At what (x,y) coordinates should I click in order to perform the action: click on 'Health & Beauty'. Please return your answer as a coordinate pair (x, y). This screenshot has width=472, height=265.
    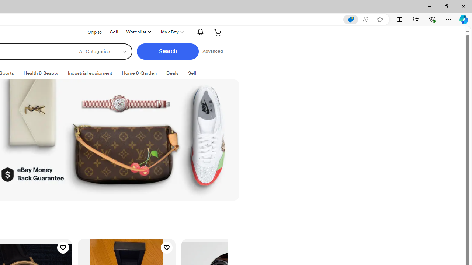
    Looking at the image, I should click on (41, 73).